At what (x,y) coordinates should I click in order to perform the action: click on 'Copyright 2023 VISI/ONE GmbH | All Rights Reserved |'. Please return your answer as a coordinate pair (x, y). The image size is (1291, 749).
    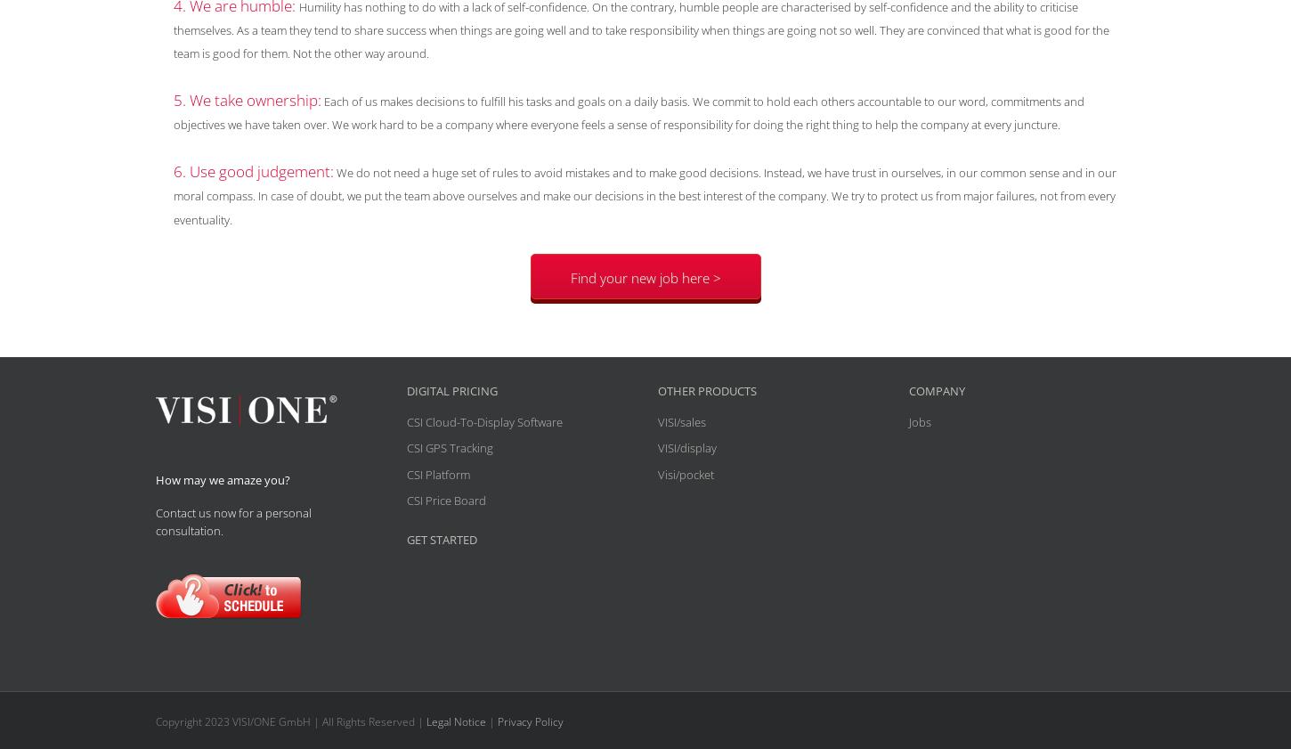
    Looking at the image, I should click on (290, 721).